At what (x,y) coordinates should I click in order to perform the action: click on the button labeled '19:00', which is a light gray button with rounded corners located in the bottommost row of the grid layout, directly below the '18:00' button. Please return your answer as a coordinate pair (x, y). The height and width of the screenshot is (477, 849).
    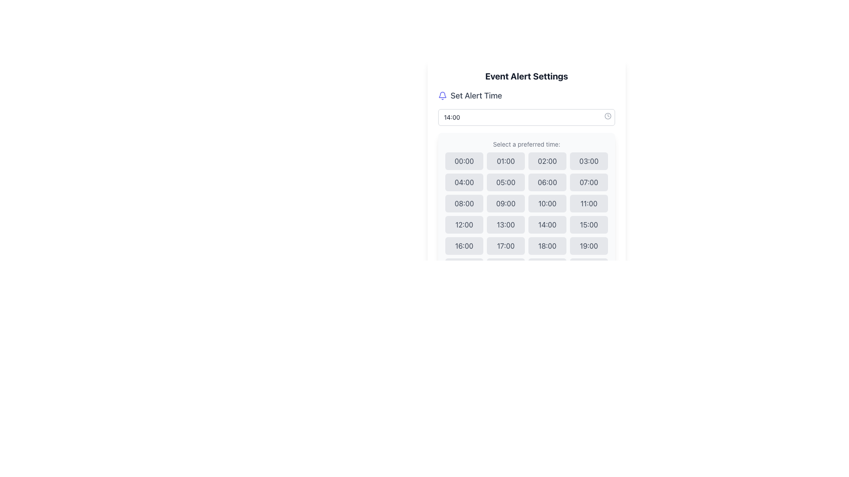
    Looking at the image, I should click on (589, 246).